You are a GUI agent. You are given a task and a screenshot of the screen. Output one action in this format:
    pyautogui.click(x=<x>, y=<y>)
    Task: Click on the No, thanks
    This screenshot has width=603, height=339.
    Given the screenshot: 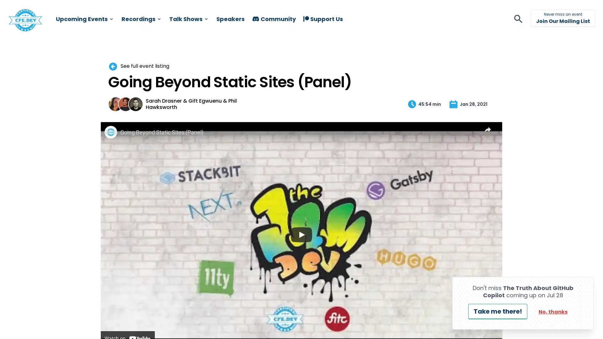 What is the action you would take?
    pyautogui.click(x=553, y=312)
    